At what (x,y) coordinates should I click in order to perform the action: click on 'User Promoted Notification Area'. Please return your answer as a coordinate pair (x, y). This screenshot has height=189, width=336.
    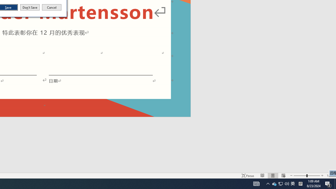
    Looking at the image, I should click on (280, 183).